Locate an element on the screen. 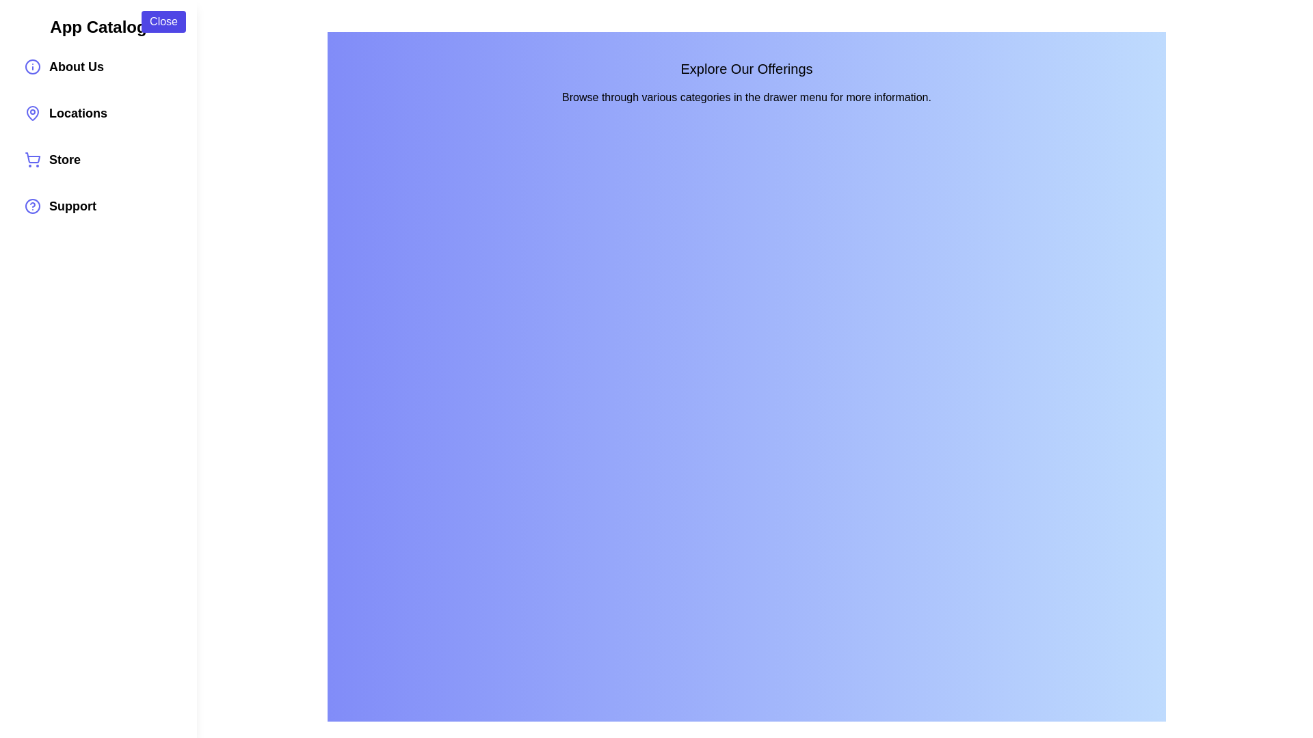 The width and height of the screenshot is (1313, 738). the category item Store to see its hover effect is located at coordinates (98, 159).